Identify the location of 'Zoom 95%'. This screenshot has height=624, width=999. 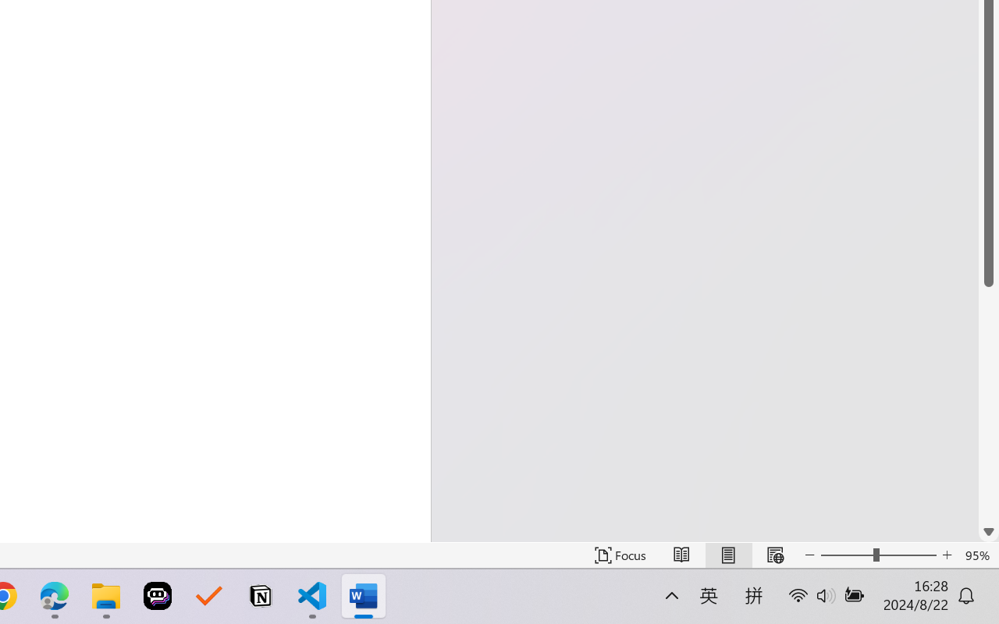
(977, 555).